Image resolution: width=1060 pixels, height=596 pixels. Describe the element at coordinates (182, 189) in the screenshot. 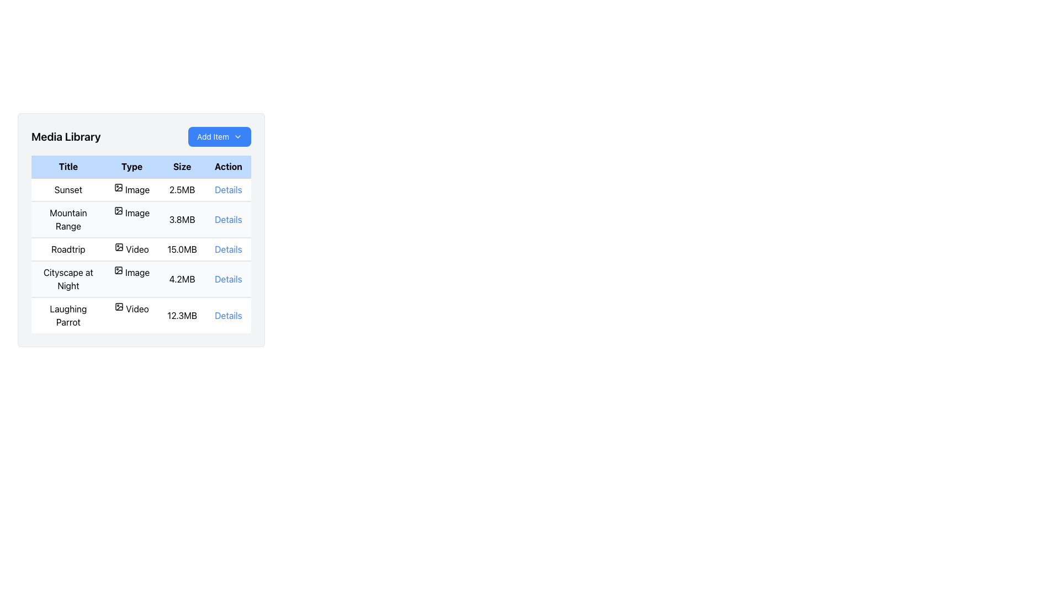

I see `the text label that displays the file size of 2.5 megabytes for the image titled 'Sunset', located in the third column of the first row under the 'Size' category` at that location.